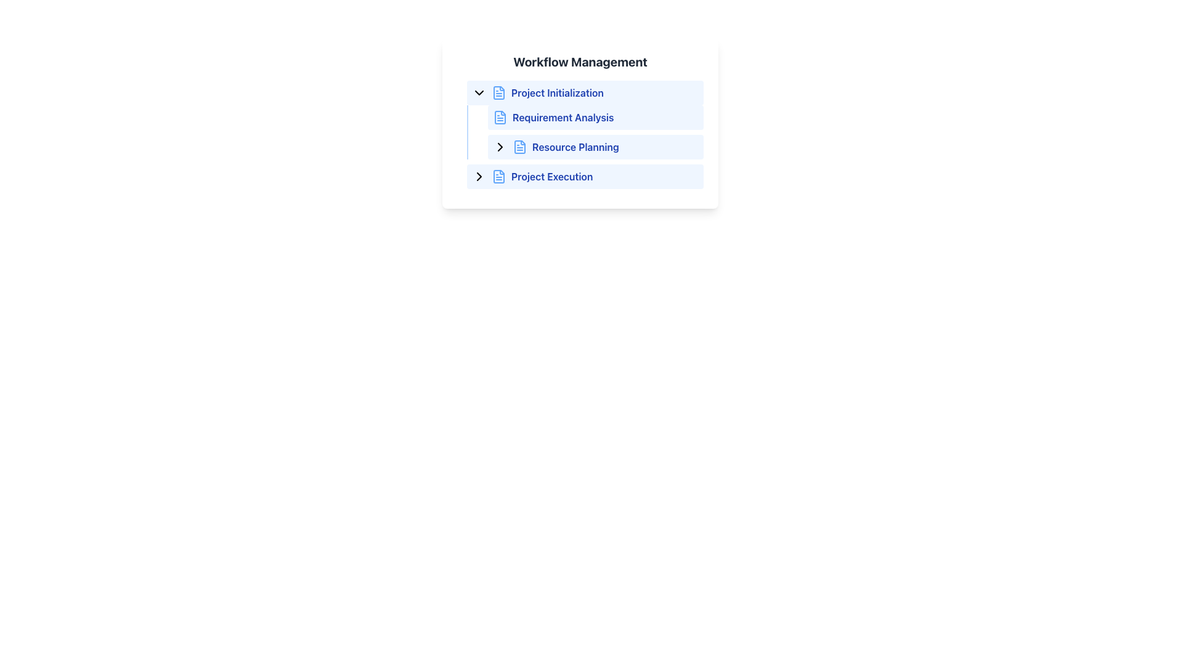 Image resolution: width=1183 pixels, height=665 pixels. Describe the element at coordinates (551, 176) in the screenshot. I see `the 'Project Execution' text label, which is styled with blue color and bold font weight, located in the 'Workflow Management' section as the fourth item in the list` at that location.